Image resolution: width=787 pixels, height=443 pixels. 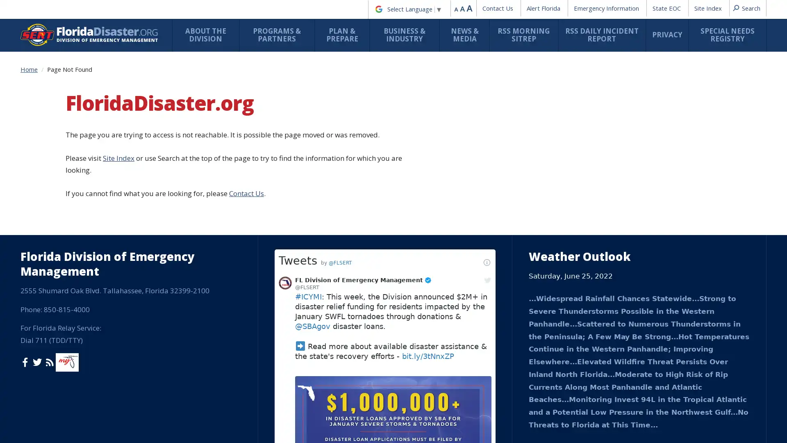 What do you see at coordinates (246, 206) in the screenshot?
I see `Toggle More` at bounding box center [246, 206].